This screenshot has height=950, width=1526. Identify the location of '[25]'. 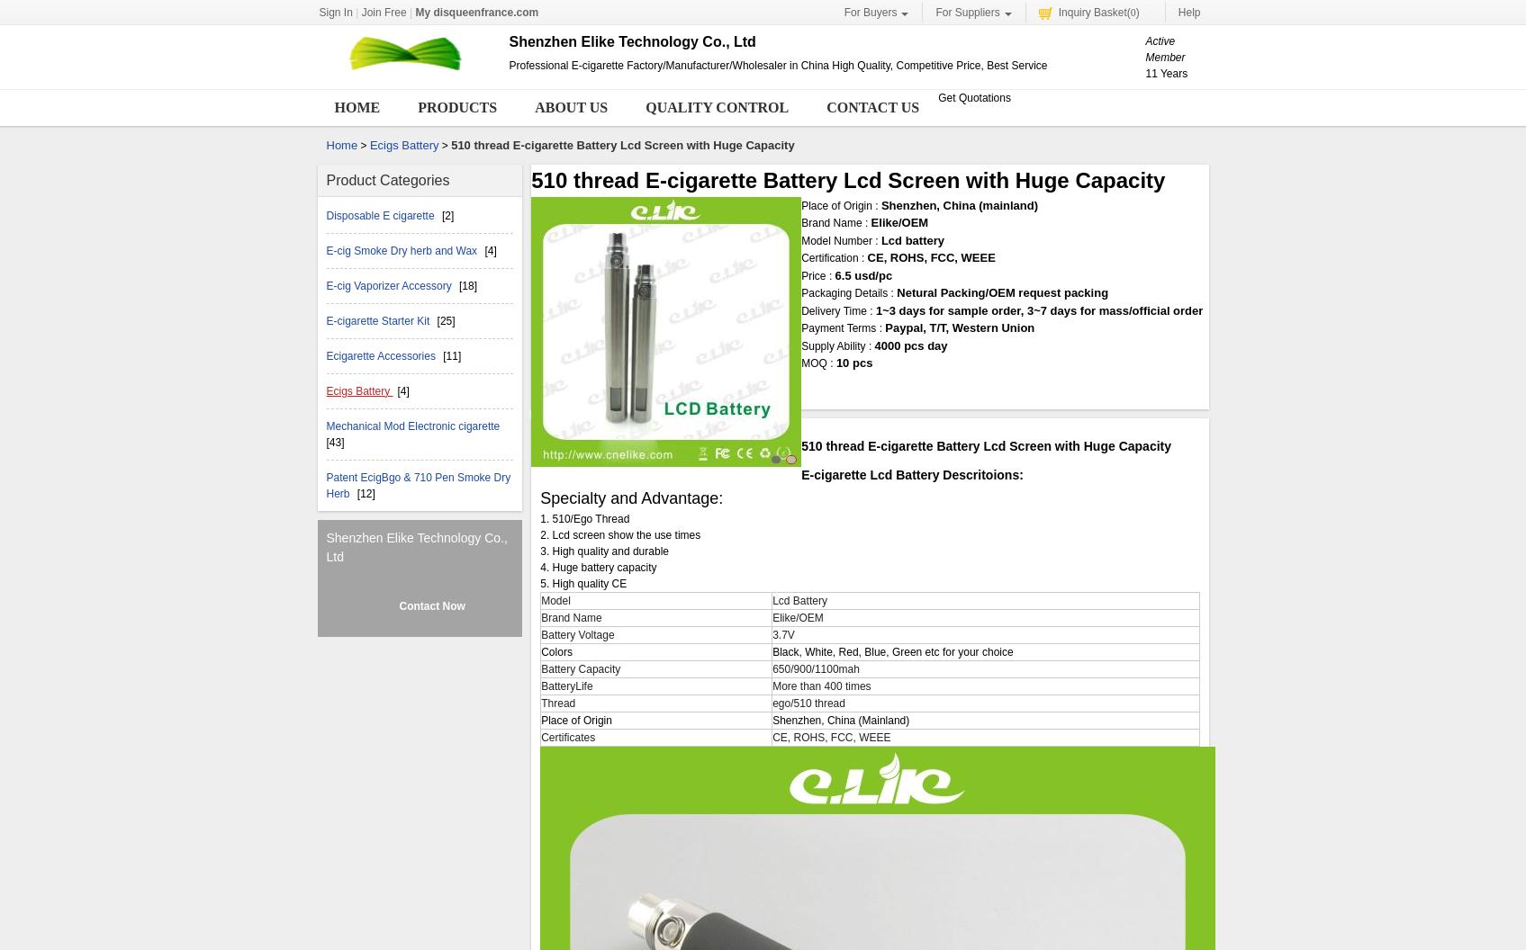
(444, 318).